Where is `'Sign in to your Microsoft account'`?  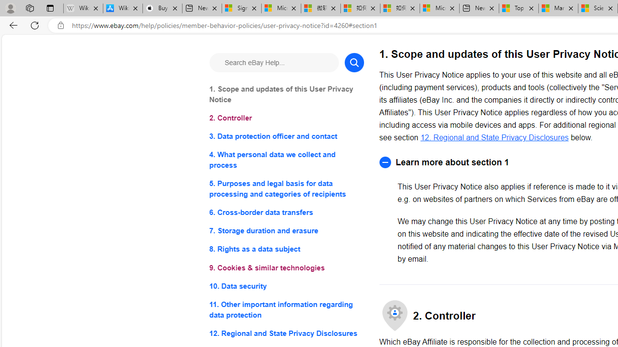 'Sign in to your Microsoft account' is located at coordinates (241, 8).